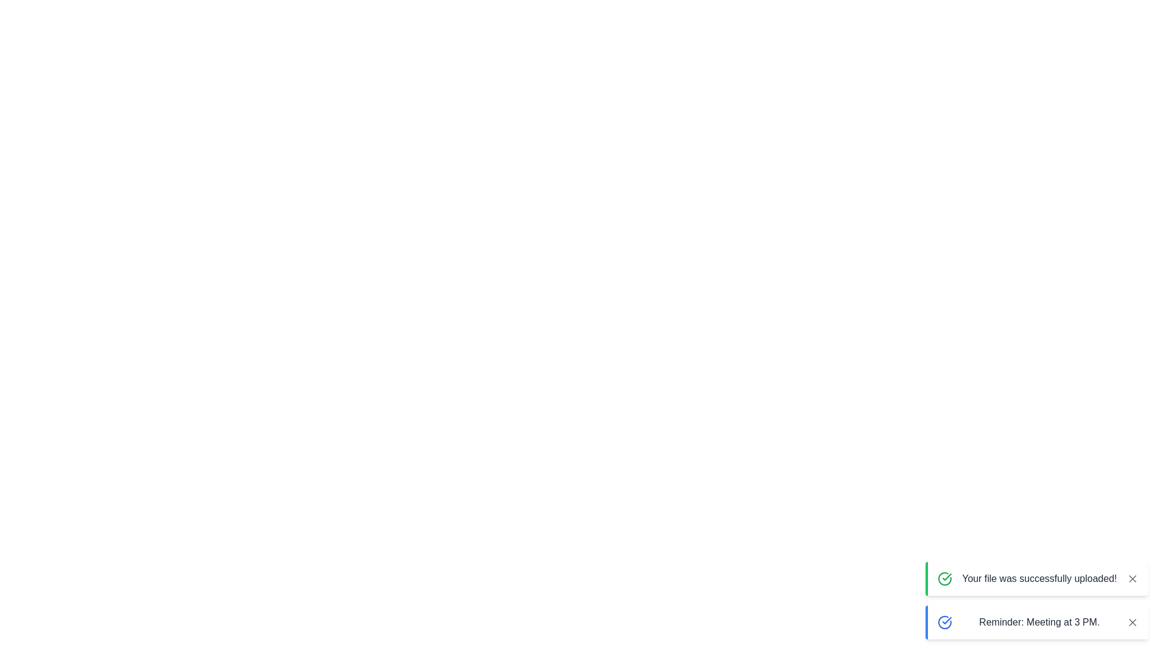 The width and height of the screenshot is (1163, 654). Describe the element at coordinates (1132, 578) in the screenshot. I see `the close button of the notification to dismiss it` at that location.